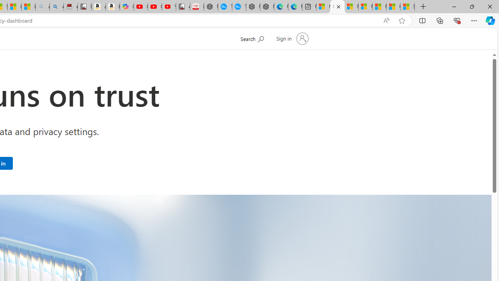 This screenshot has width=499, height=281. What do you see at coordinates (337, 7) in the screenshot?
I see `'Microsoft account | Microsoft Account Privacy Settings'` at bounding box center [337, 7].